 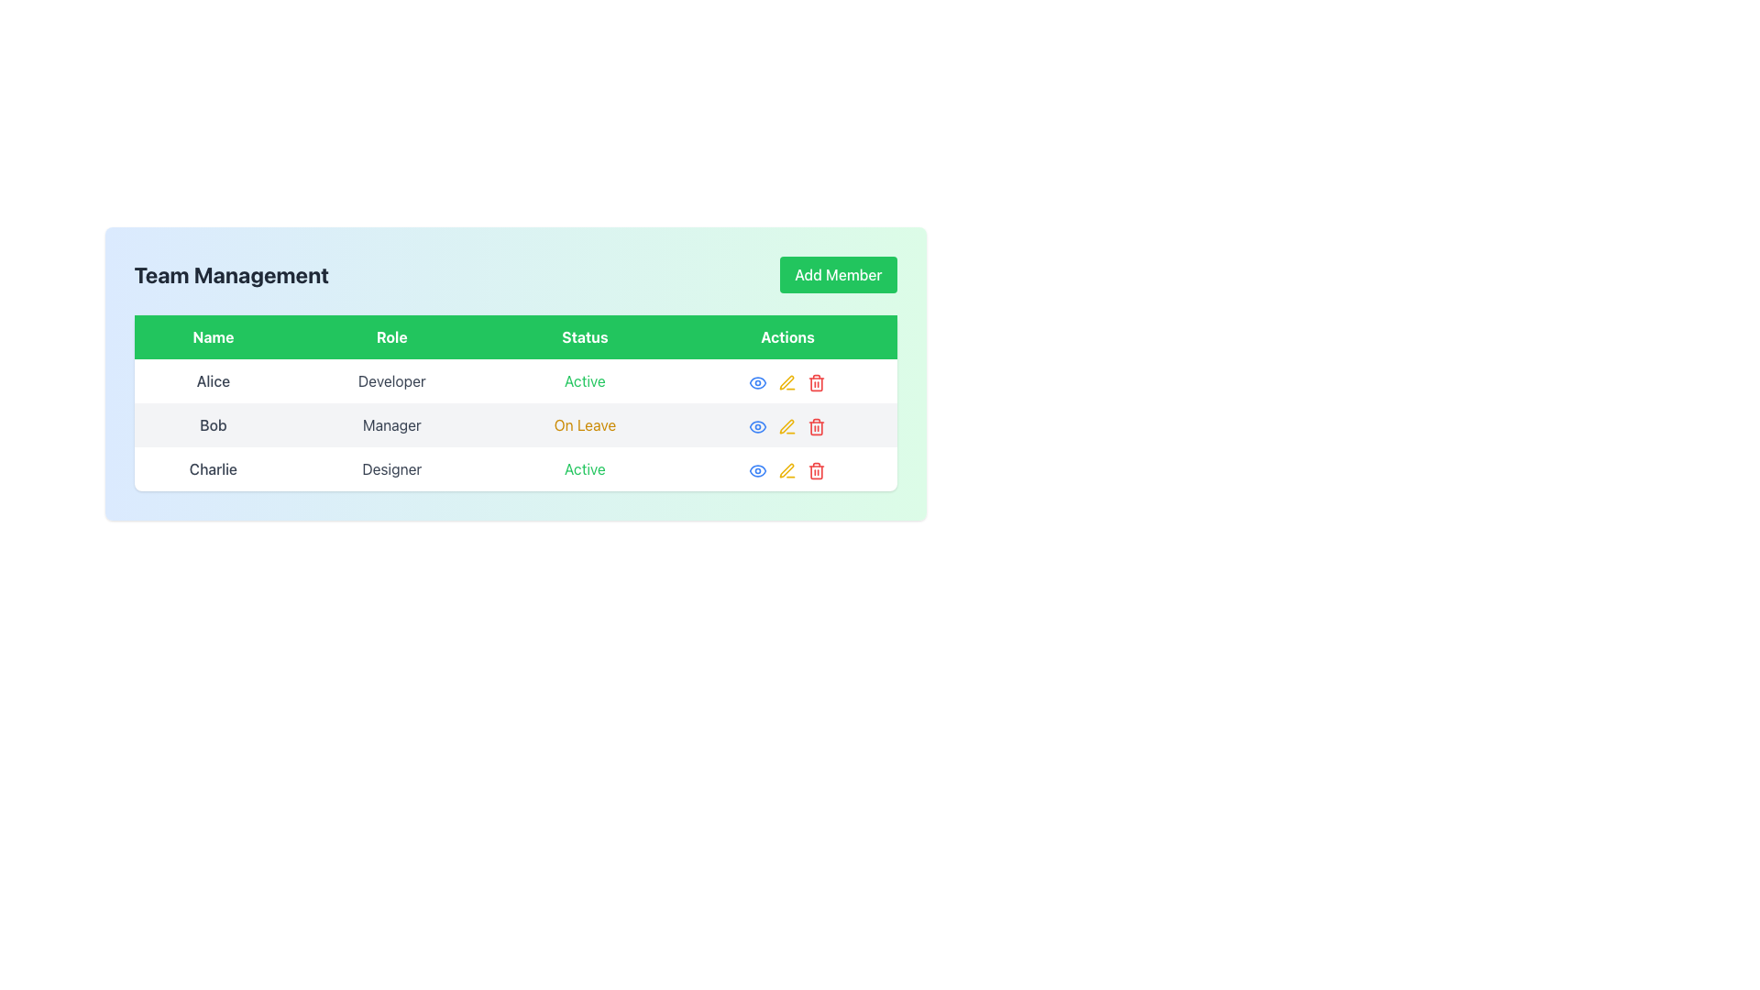 I want to click on the red trash icon button, which is the third button under the 'Actions' column in the second row for user 'Bob', so click(x=816, y=424).